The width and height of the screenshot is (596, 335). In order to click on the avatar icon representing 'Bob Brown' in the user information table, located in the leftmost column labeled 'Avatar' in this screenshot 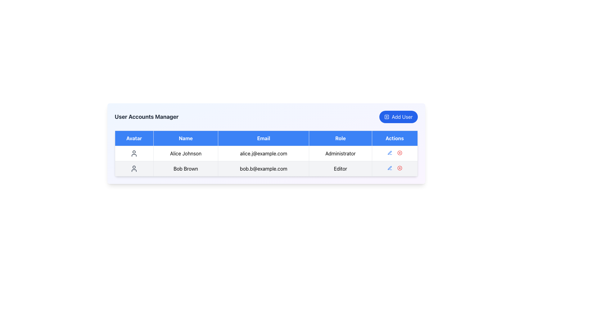, I will do `click(134, 168)`.